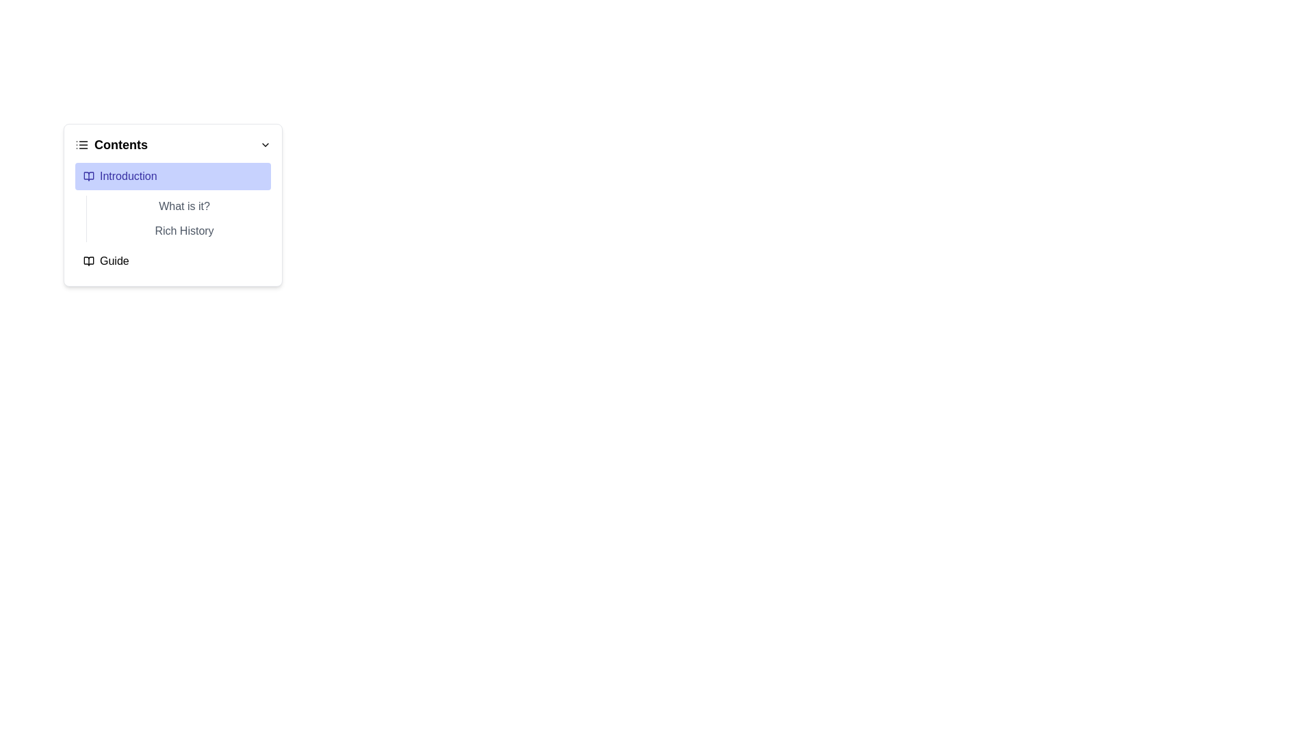  What do you see at coordinates (121, 145) in the screenshot?
I see `the static text label 'Contents' which is prominently displayed at the top of a dropdown-like component` at bounding box center [121, 145].